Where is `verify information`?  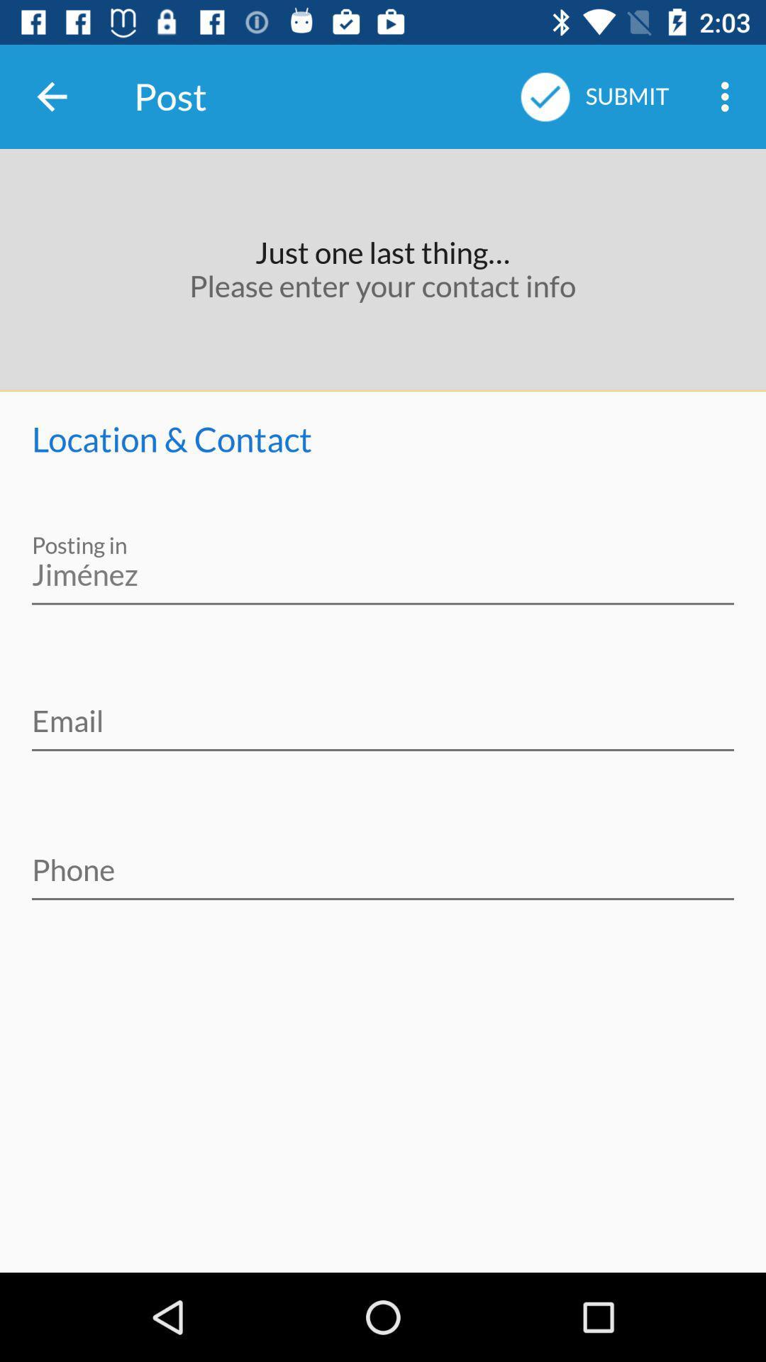
verify information is located at coordinates (383, 712).